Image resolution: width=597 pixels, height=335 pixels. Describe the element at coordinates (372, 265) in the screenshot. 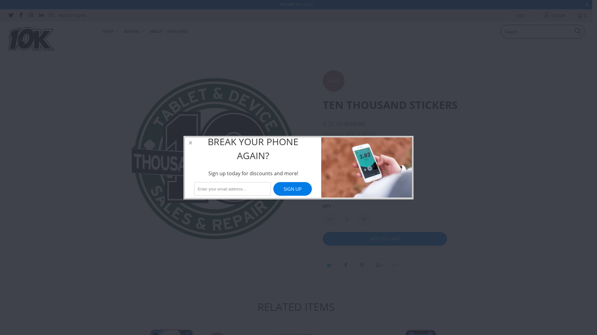

I see `'Share this on Google+'` at that location.